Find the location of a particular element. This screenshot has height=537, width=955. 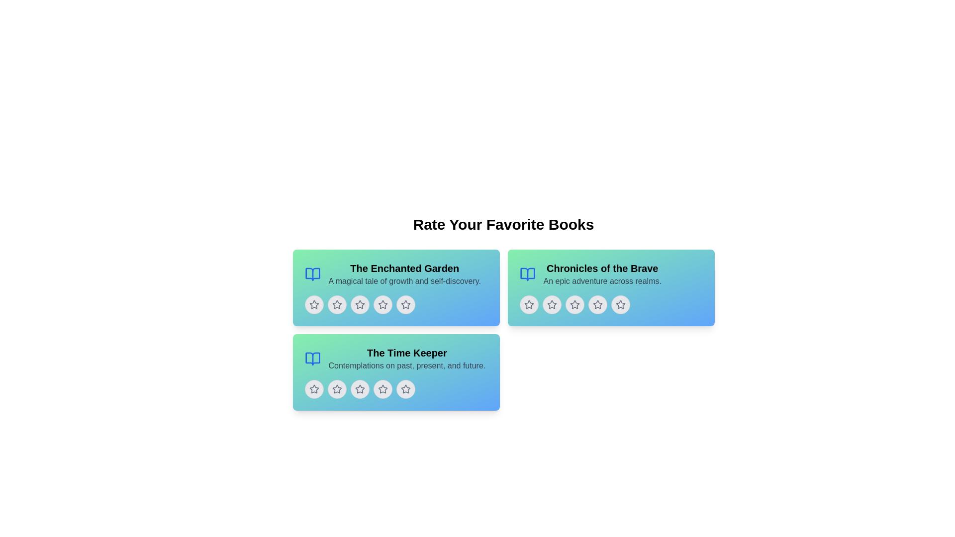

the second rating button for the book 'The Enchanted Garden', located in the first row and first card is located at coordinates (337, 304).